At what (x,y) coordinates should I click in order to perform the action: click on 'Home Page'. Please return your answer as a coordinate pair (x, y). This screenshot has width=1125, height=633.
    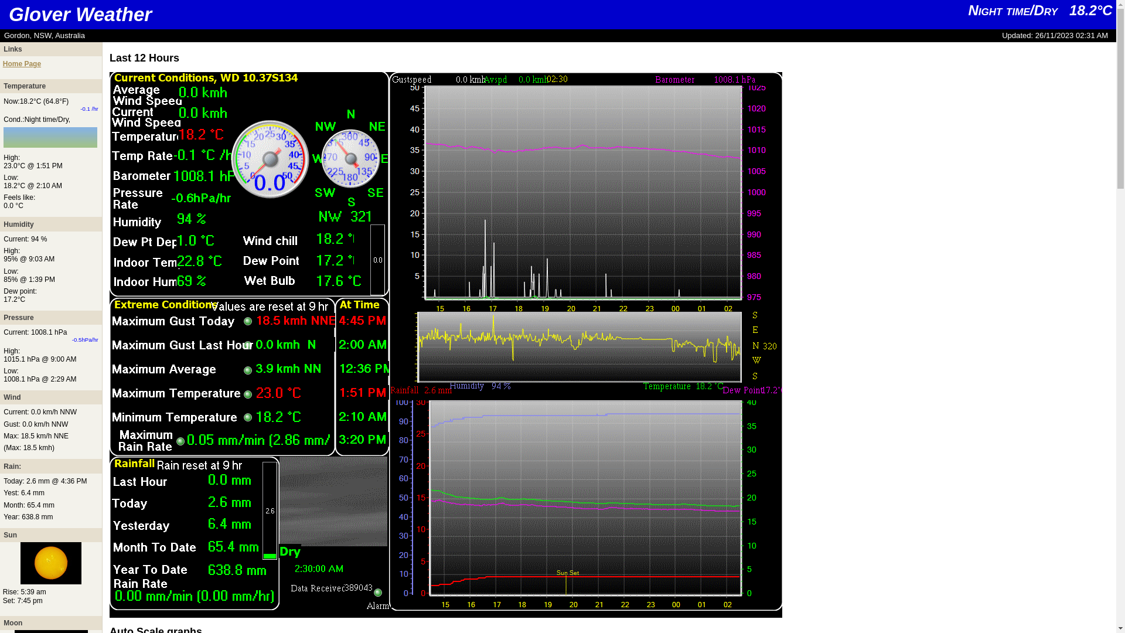
    Looking at the image, I should click on (22, 63).